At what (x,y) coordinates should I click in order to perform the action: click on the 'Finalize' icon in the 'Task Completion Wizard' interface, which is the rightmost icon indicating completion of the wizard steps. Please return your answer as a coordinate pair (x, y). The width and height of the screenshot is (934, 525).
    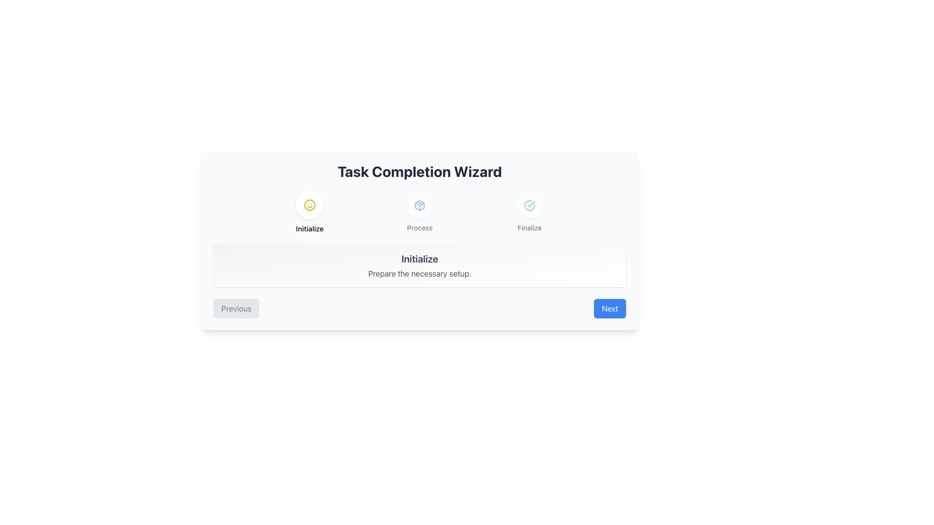
    Looking at the image, I should click on (529, 205).